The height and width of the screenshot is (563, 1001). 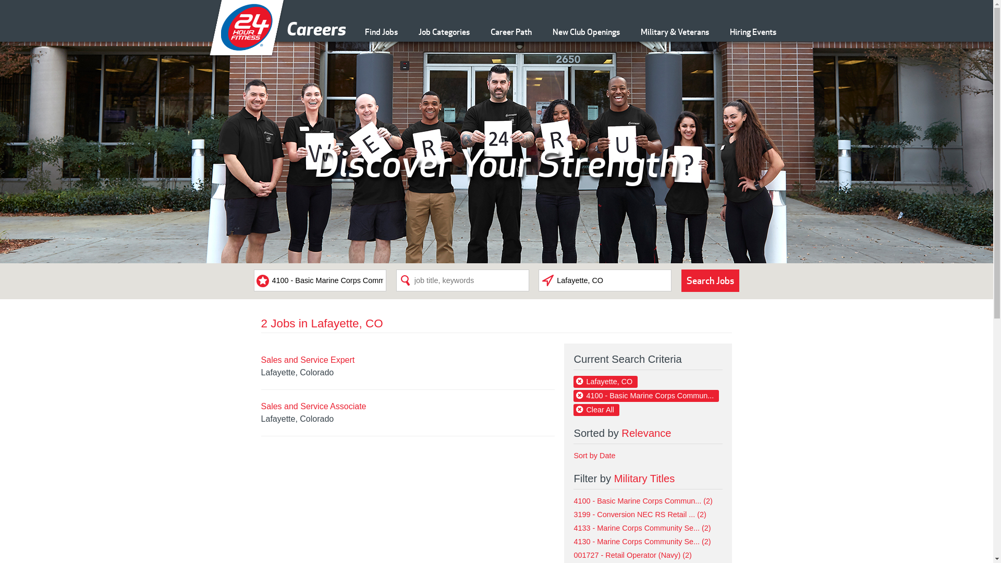 I want to click on '4100 - Basic Marine Corps Commun... (2)', so click(x=642, y=500).